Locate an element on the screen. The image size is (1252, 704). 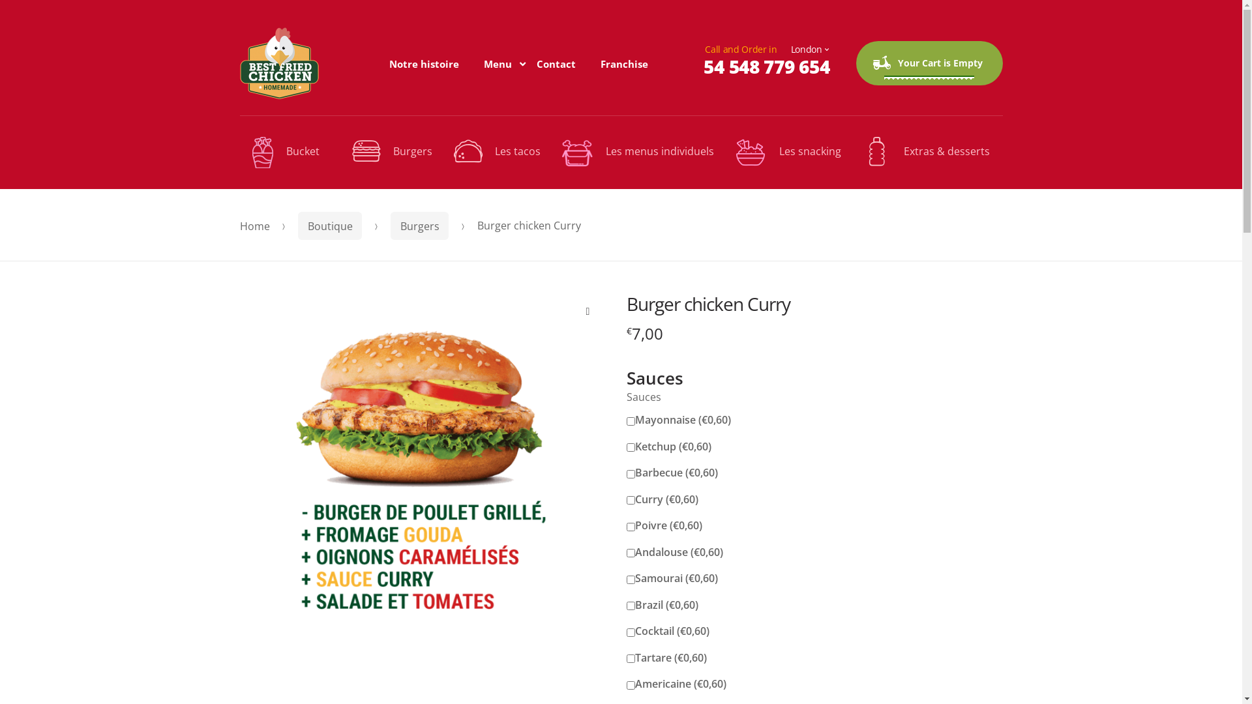
'Contact' is located at coordinates (556, 63).